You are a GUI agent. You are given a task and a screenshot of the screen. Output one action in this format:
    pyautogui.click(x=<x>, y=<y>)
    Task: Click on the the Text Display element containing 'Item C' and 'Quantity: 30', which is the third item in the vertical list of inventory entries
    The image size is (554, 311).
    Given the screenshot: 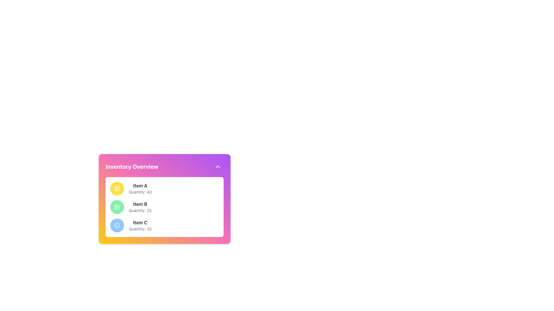 What is the action you would take?
    pyautogui.click(x=140, y=225)
    